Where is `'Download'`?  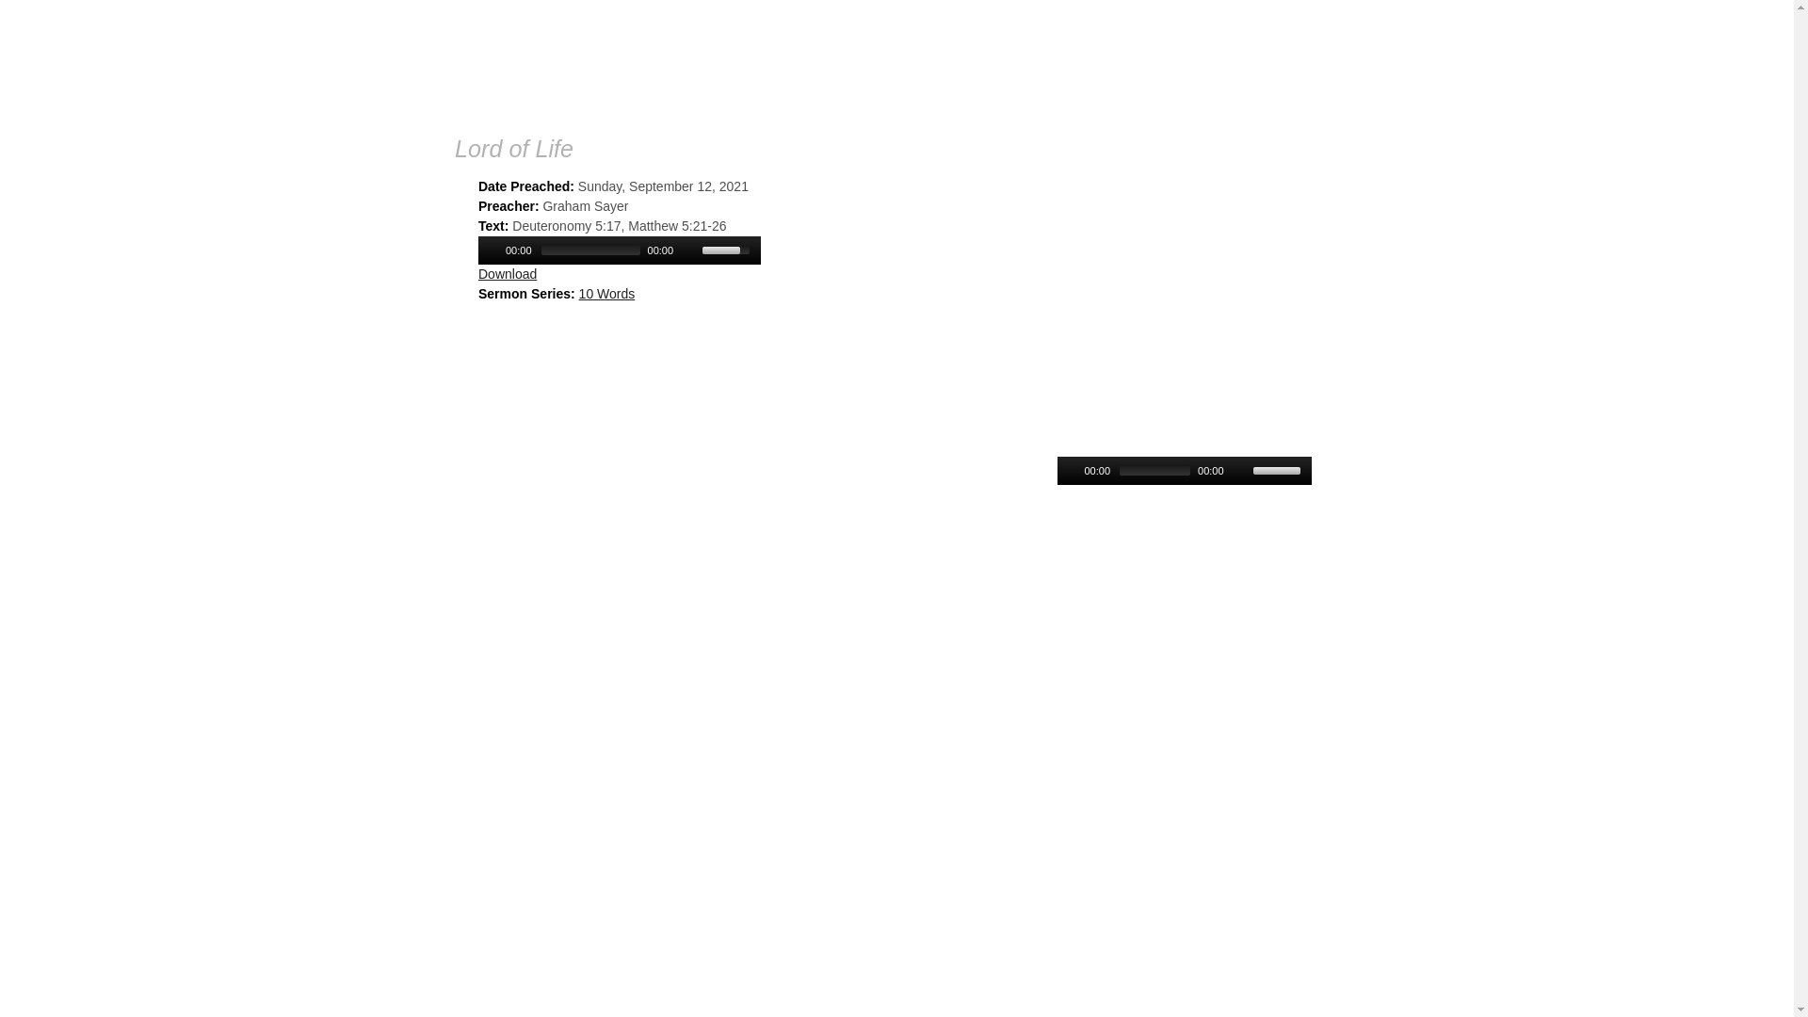 'Download' is located at coordinates (478, 273).